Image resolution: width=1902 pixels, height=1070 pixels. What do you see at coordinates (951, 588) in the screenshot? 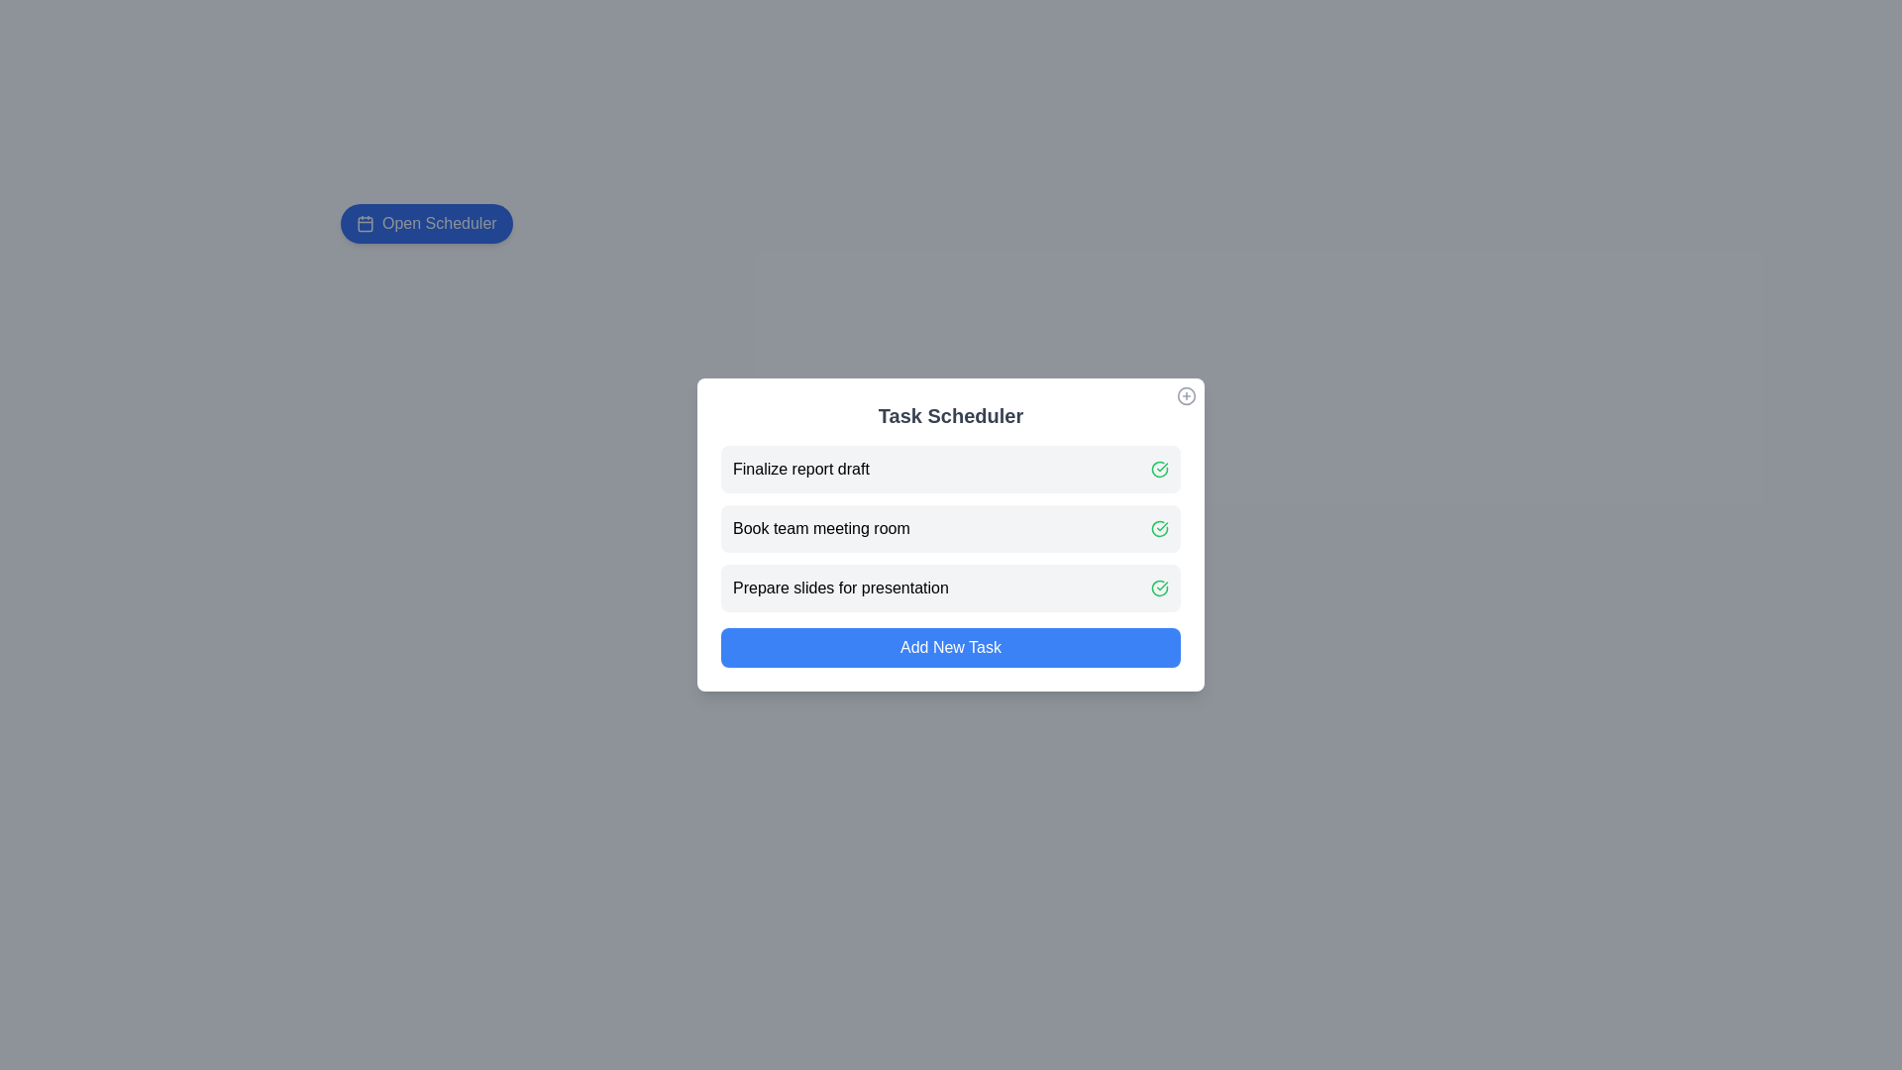
I see `the task labeled 'Prepare slides for presentation' in the task scheduler` at bounding box center [951, 588].